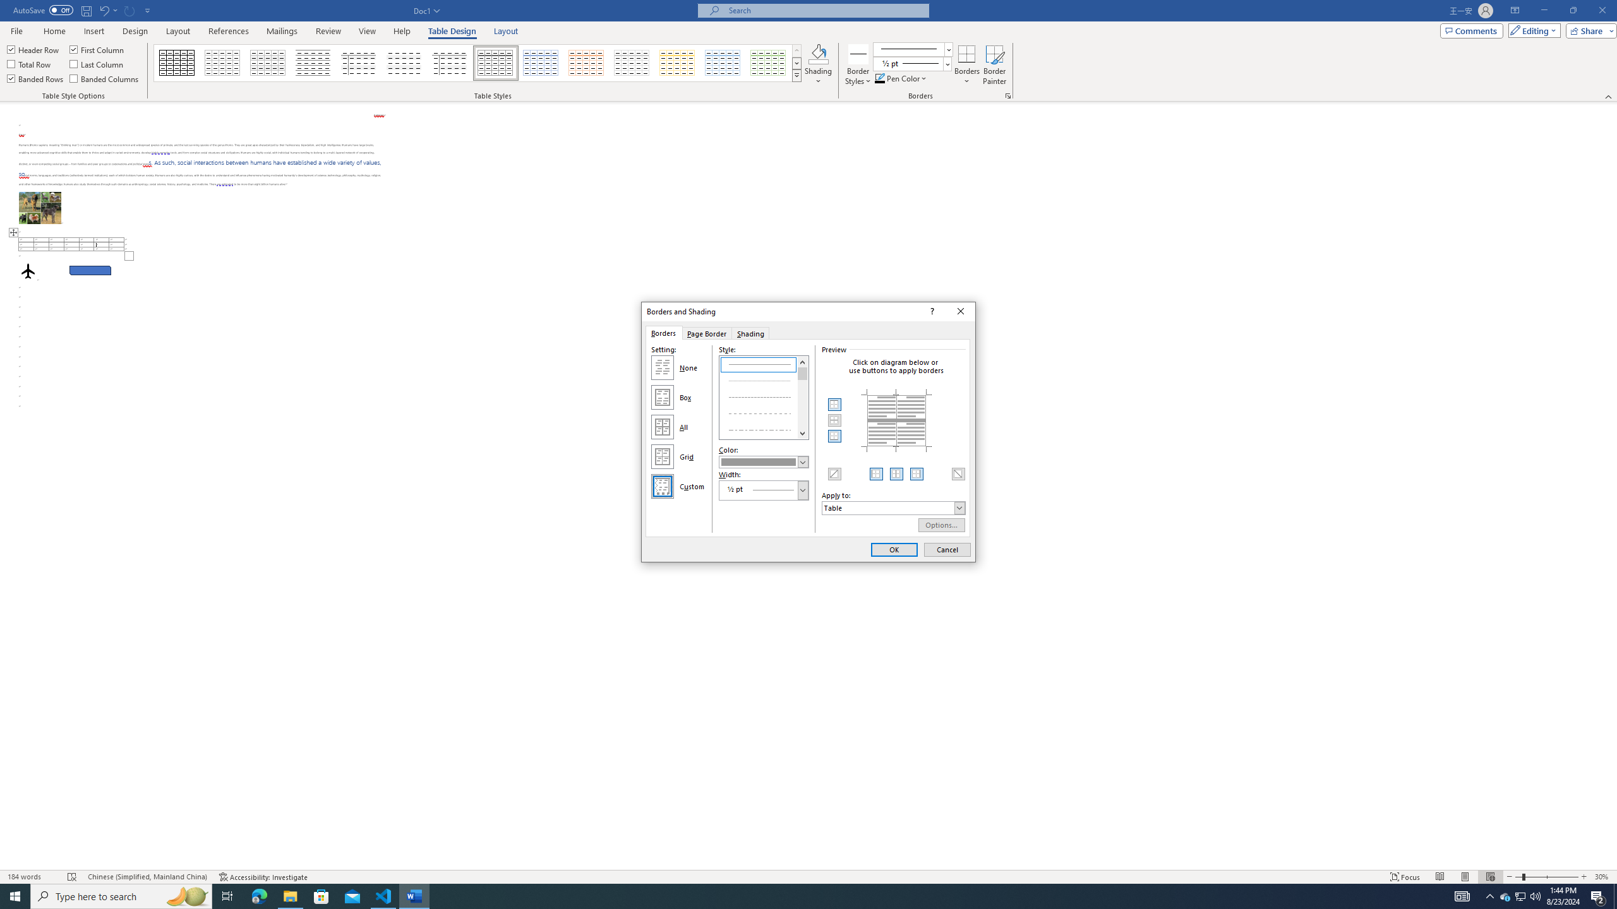  I want to click on 'Read Mode', so click(1439, 877).